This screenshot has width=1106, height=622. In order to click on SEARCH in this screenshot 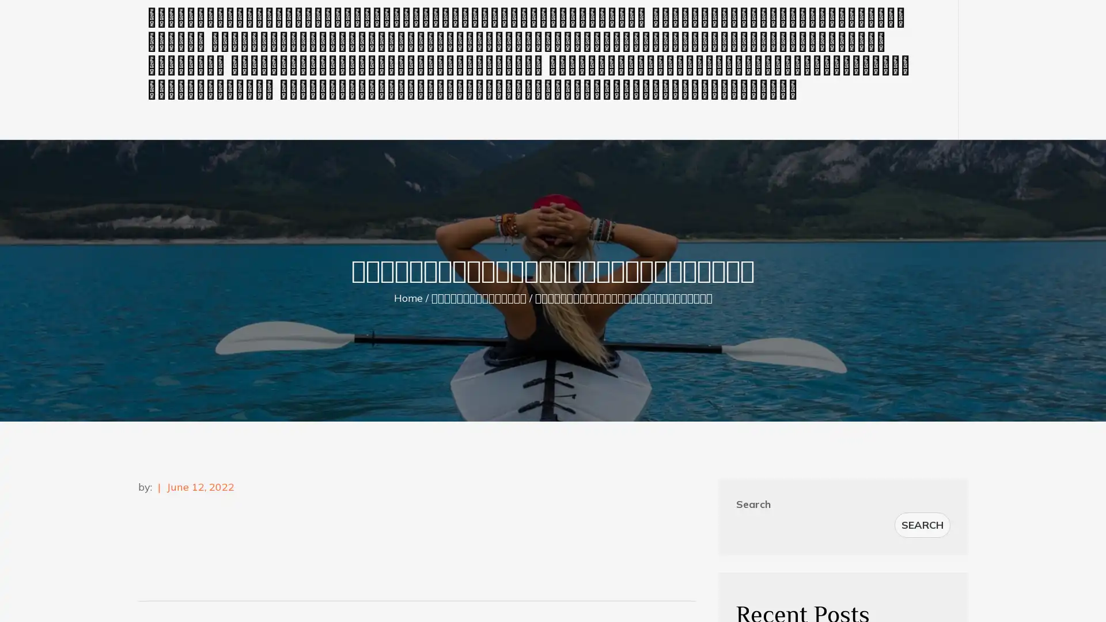, I will do `click(922, 525)`.